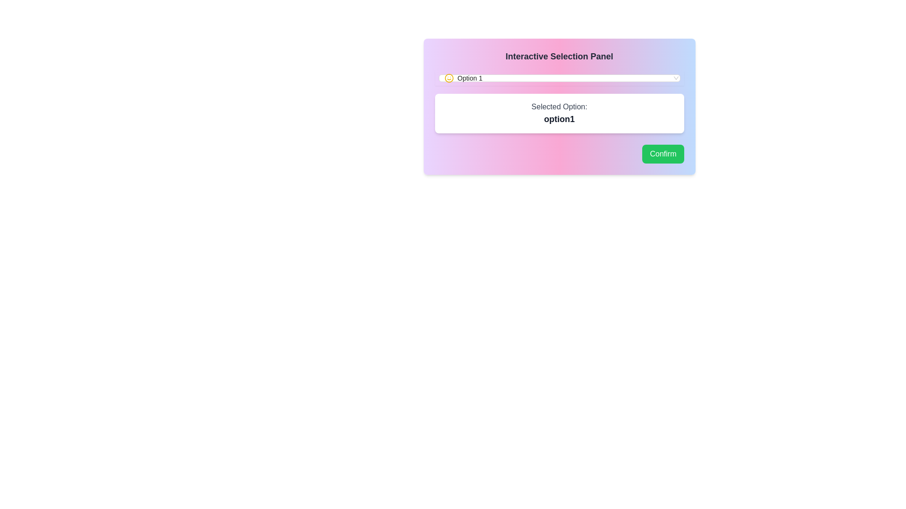 This screenshot has height=509, width=906. Describe the element at coordinates (470, 77) in the screenshot. I see `the label that displays the currently selected option in the dropdown field located at the top-left of the panel, to the right of the yellow smiley icon` at that location.